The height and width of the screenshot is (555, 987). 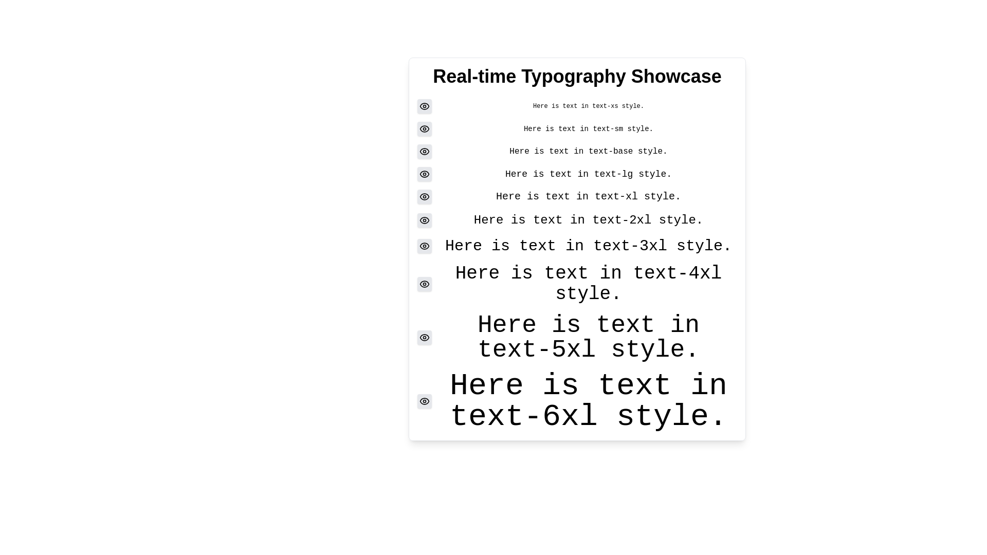 What do you see at coordinates (424, 128) in the screenshot?
I see `the eye icon in the sidebar menu, which is the second eye icon in the vertical list of font size examples` at bounding box center [424, 128].